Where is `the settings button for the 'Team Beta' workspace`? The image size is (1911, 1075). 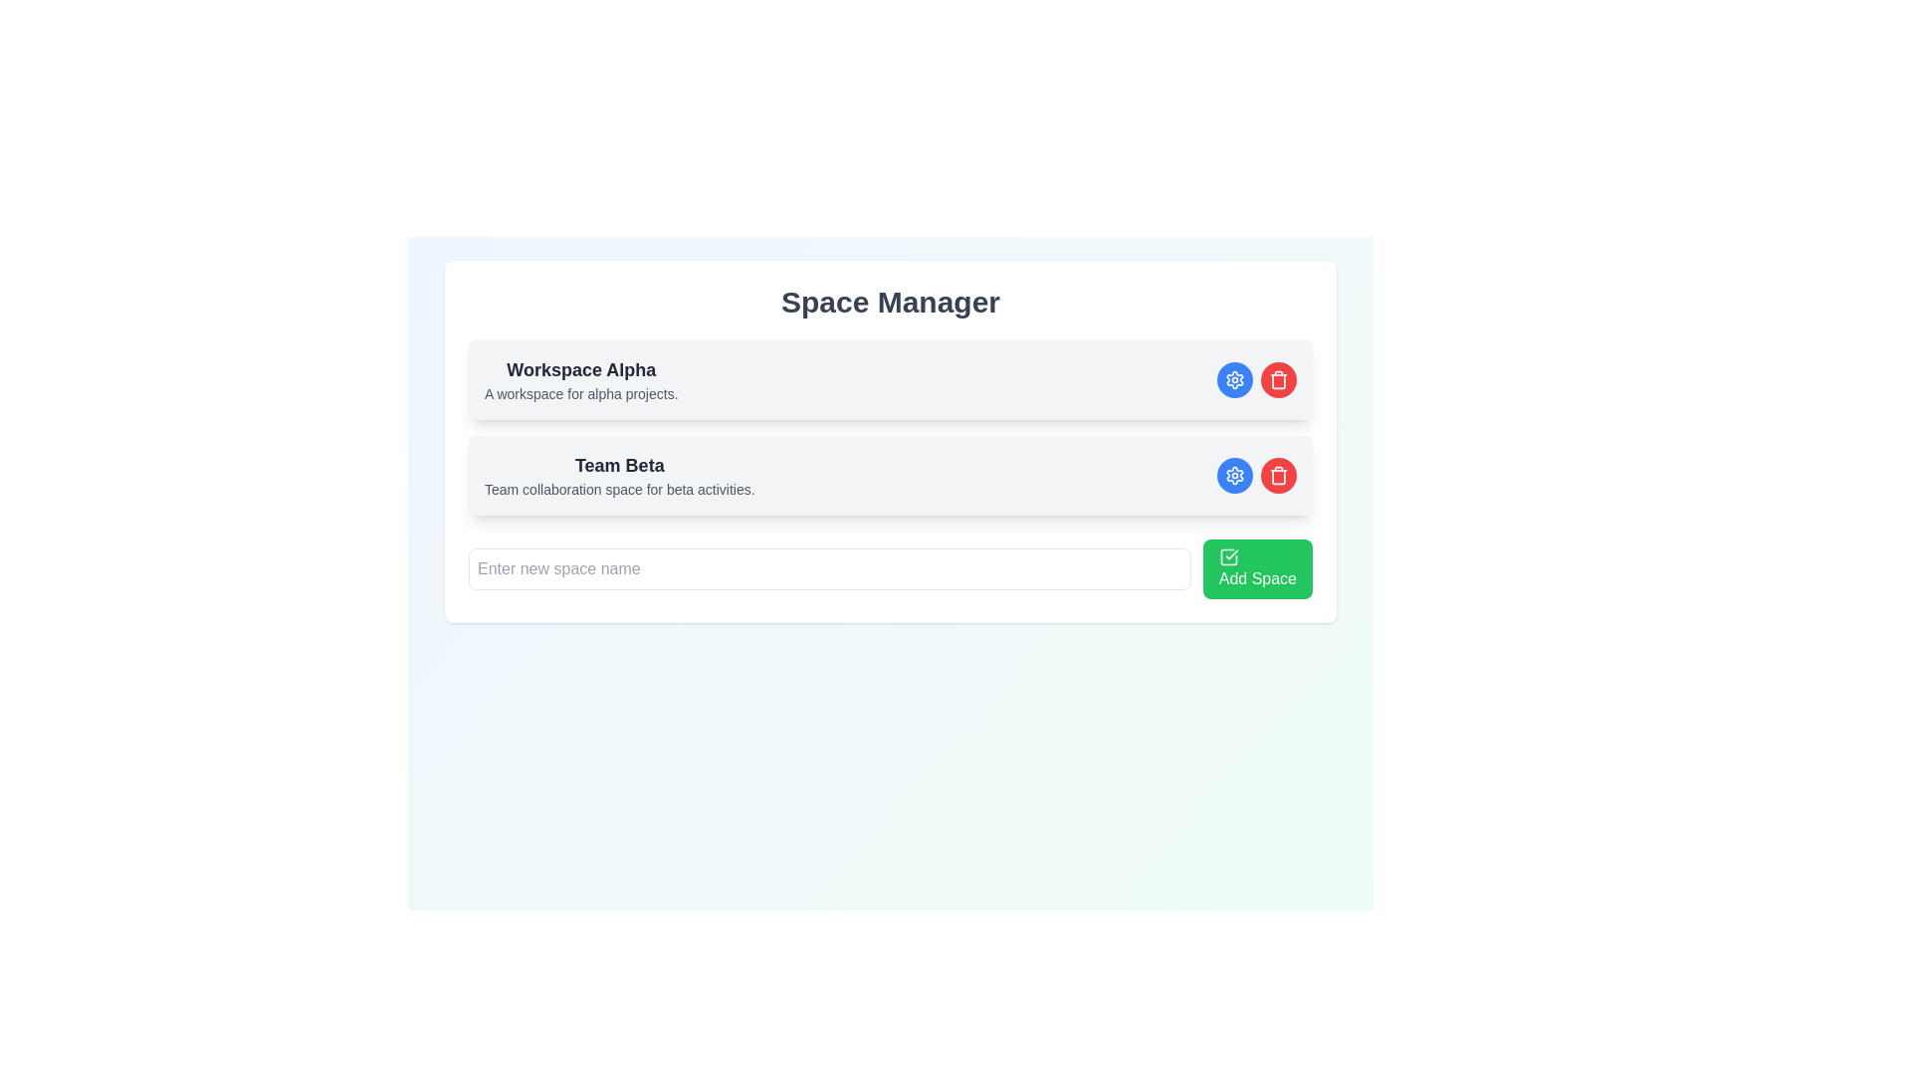
the settings button for the 'Team Beta' workspace is located at coordinates (1234, 476).